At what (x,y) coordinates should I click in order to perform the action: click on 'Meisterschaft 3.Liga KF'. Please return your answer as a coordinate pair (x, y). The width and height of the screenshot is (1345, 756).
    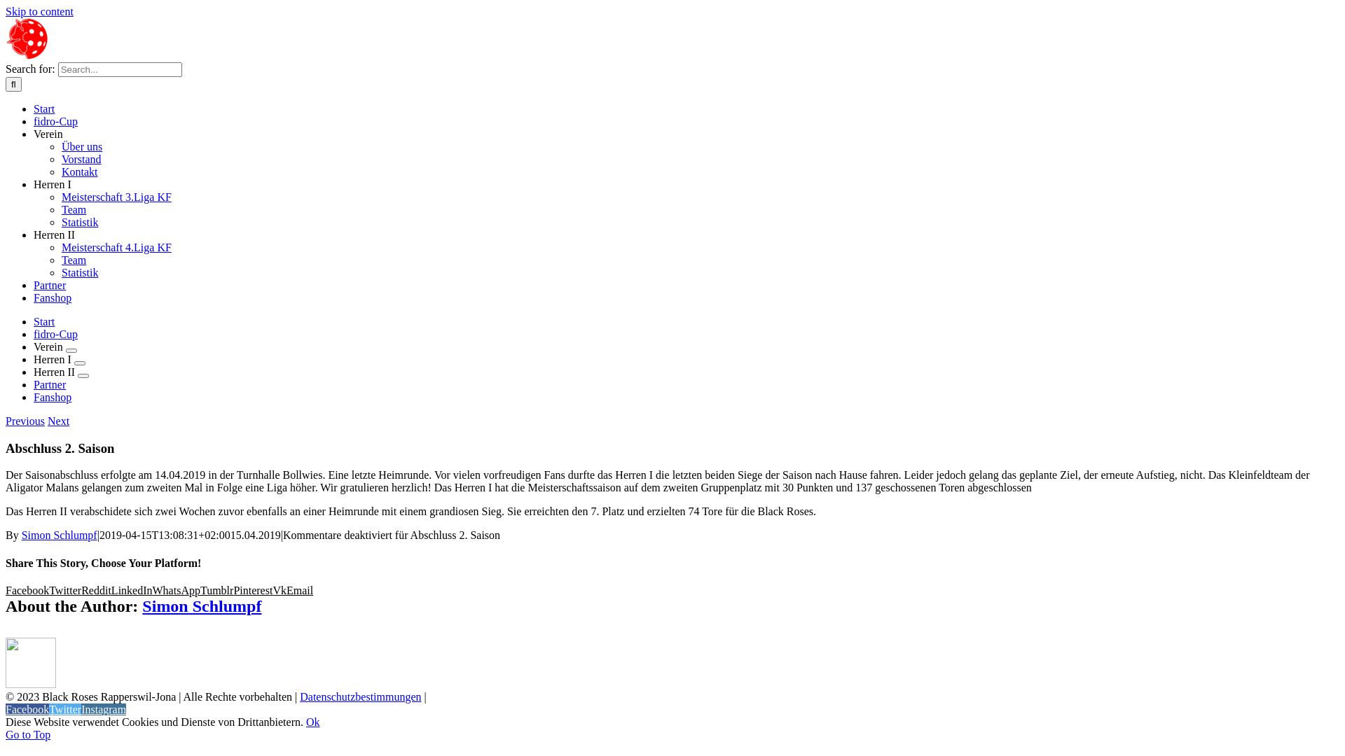
    Looking at the image, I should click on (116, 197).